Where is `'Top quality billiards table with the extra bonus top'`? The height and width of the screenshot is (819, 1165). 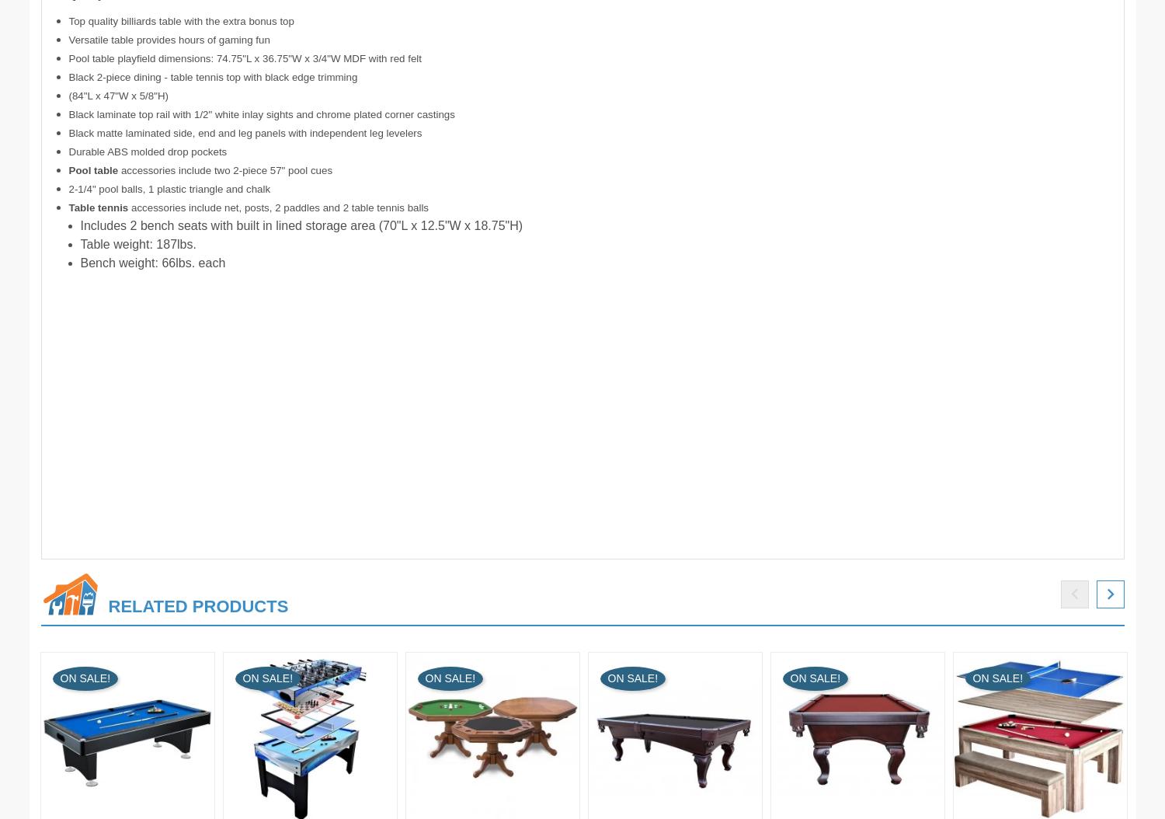 'Top quality billiards table with the extra bonus top' is located at coordinates (179, 21).